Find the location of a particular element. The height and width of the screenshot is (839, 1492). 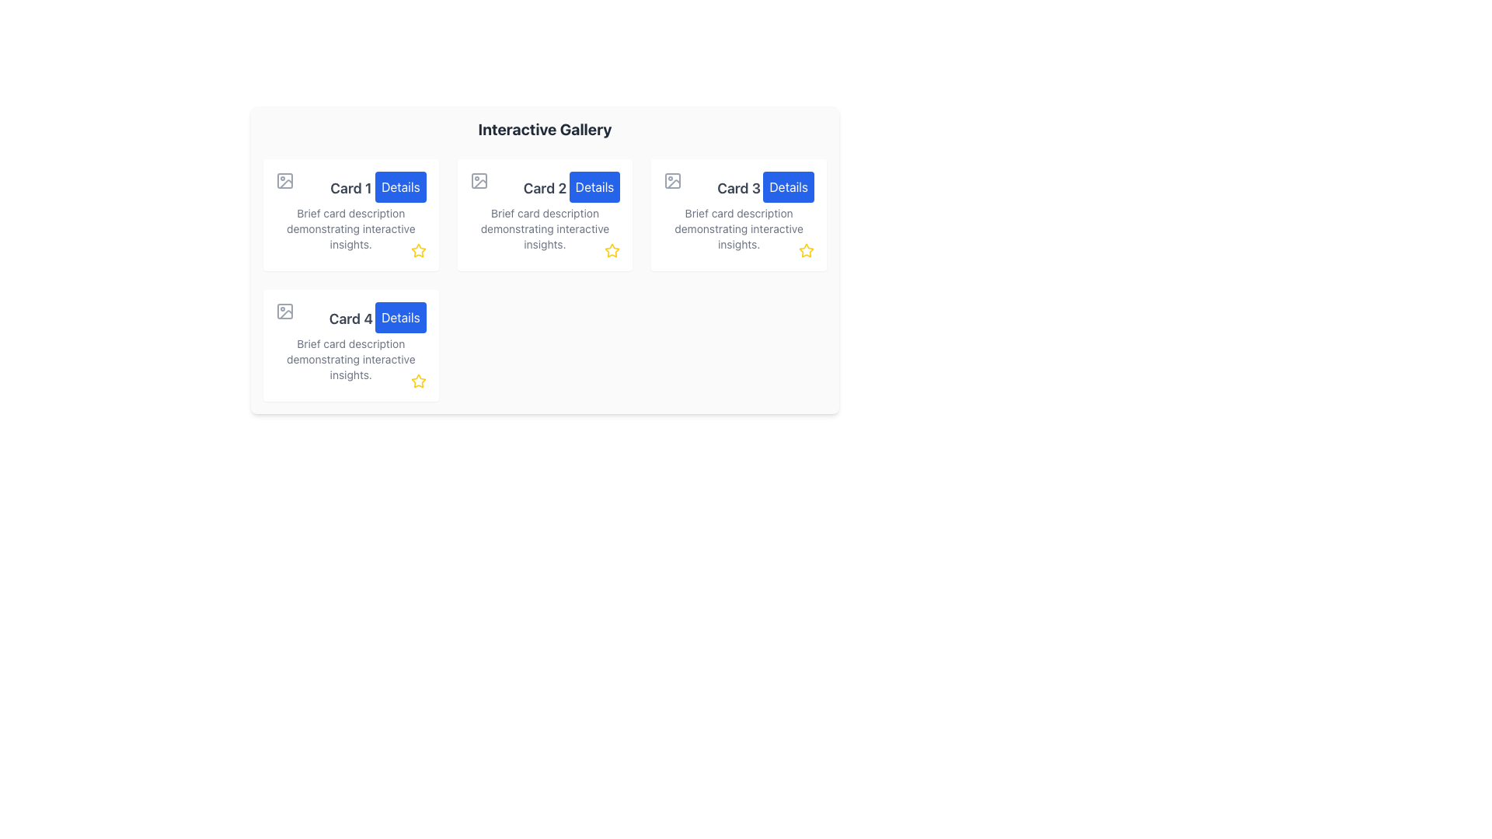

icon placeholder resembling a stylized photo frame located at the top-left corner of 'Card 1' for its attributes is located at coordinates (284, 179).